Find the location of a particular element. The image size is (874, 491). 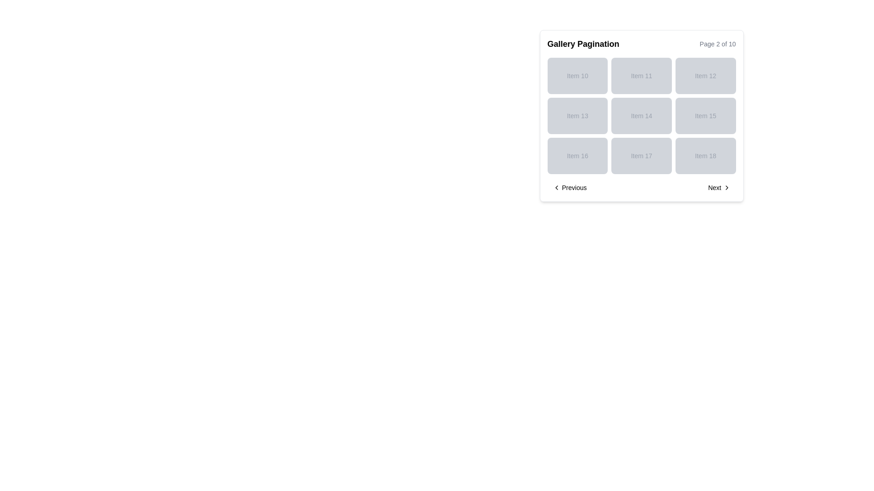

the non-interactive label 'Item 11' which is a rectangular element with a light gray background, located in the middle column of the first row in a 3x3 grid layout is located at coordinates (641, 75).